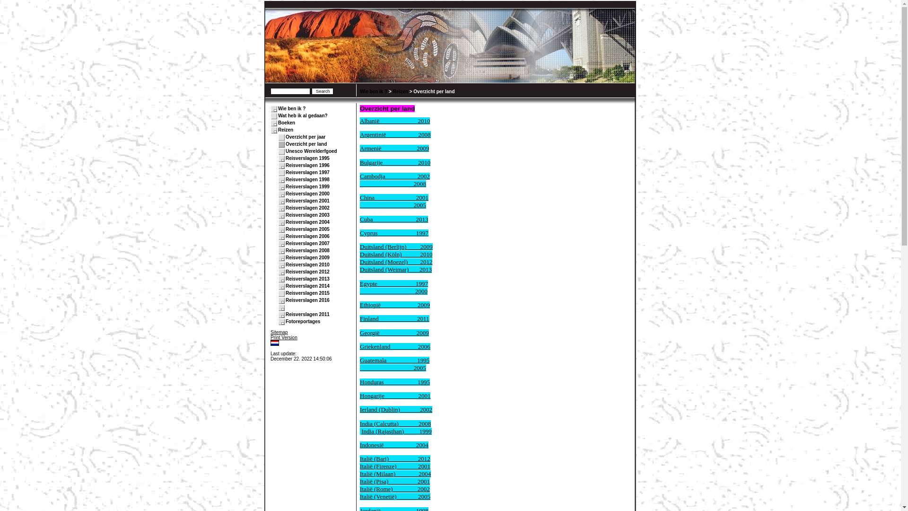  I want to click on 'Reisverslagen 1998', so click(285, 179).